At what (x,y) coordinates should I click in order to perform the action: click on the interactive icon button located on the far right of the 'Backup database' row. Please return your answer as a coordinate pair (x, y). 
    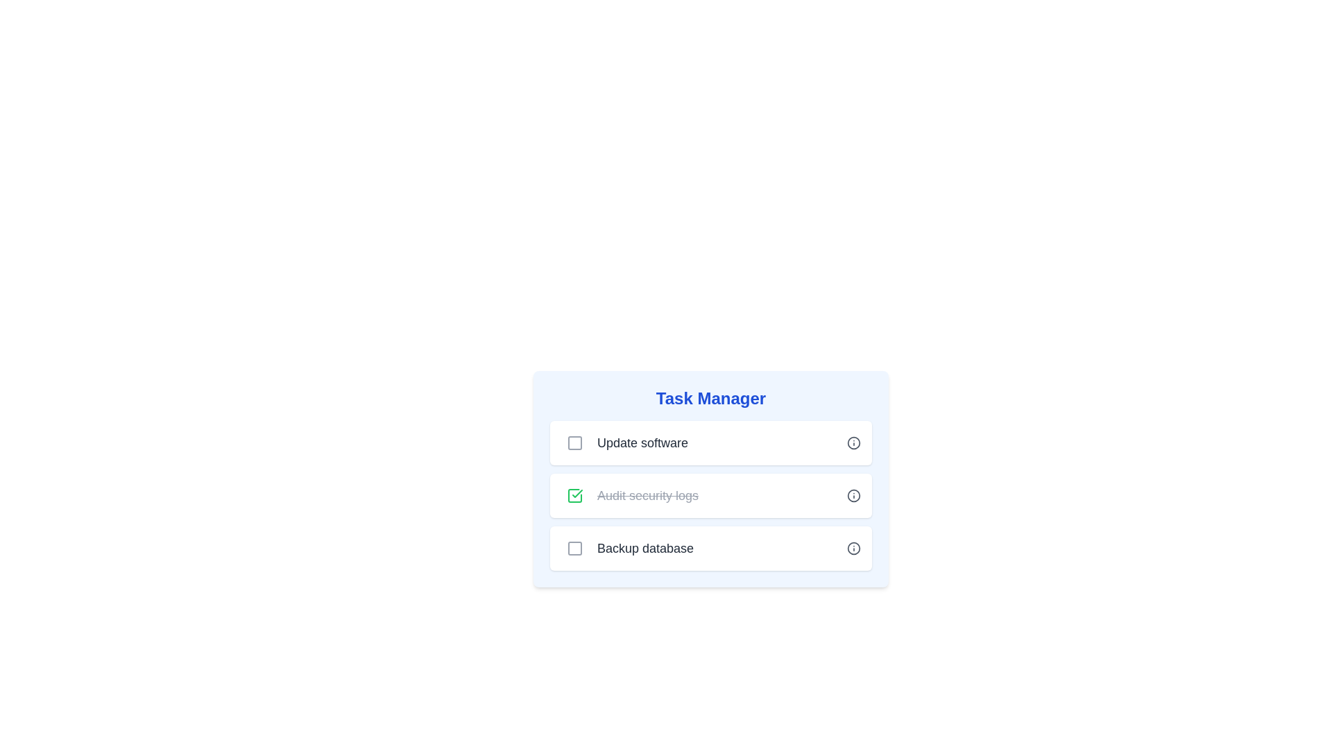
    Looking at the image, I should click on (853, 547).